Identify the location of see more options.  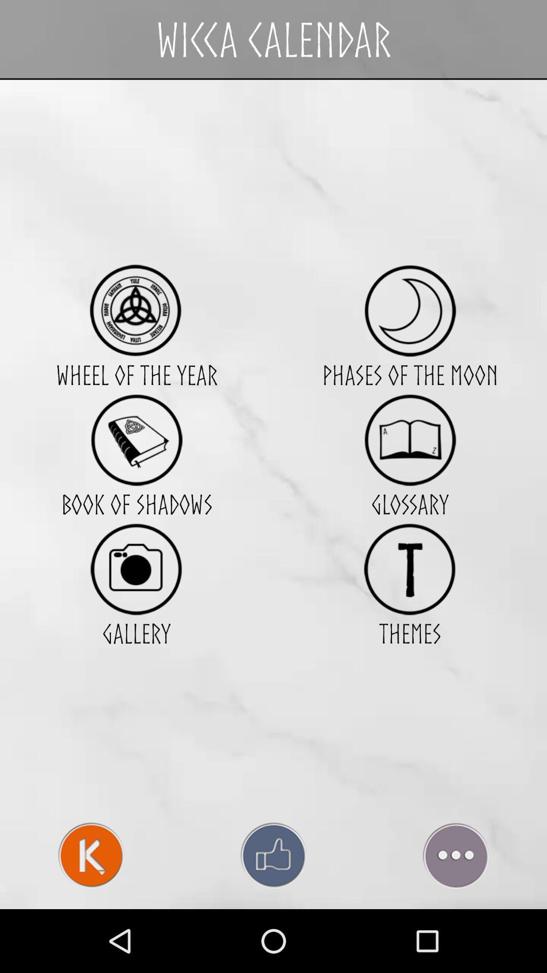
(455, 855).